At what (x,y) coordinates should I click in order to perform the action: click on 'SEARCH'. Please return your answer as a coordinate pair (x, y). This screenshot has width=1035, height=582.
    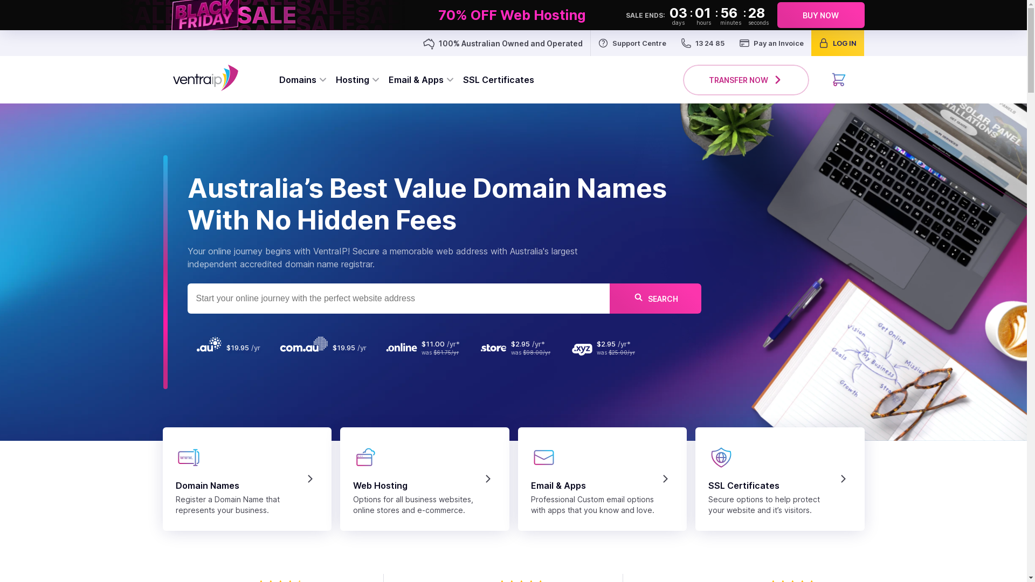
    Looking at the image, I should click on (654, 299).